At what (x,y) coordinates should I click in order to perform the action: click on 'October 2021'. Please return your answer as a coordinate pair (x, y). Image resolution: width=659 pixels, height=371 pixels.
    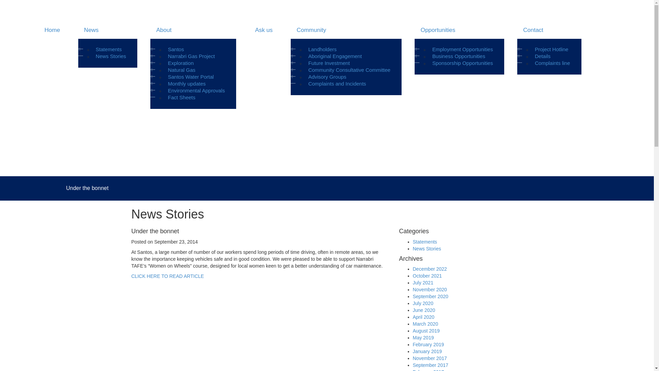
    Looking at the image, I should click on (427, 275).